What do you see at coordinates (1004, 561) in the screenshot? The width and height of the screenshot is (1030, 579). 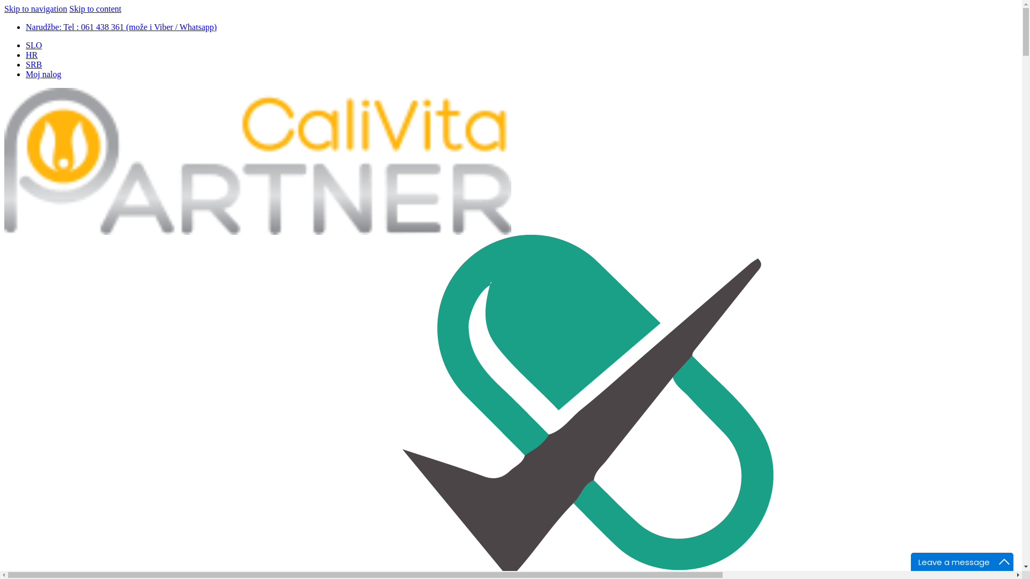 I see `'Maximize'` at bounding box center [1004, 561].